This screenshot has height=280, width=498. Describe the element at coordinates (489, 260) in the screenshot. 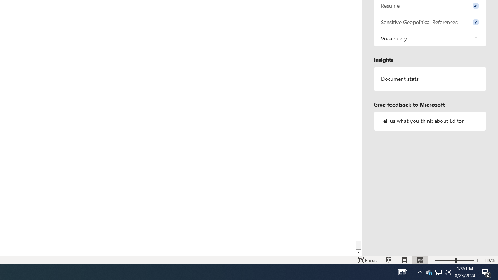

I see `'Zoom 116%'` at that location.